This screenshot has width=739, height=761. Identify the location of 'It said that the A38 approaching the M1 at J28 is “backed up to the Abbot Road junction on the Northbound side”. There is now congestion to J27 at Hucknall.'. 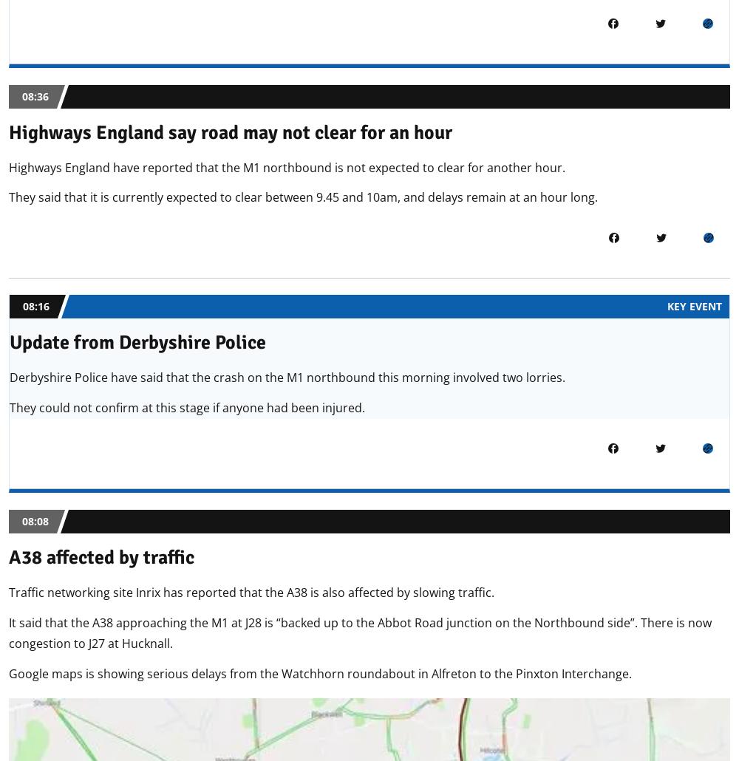
(359, 632).